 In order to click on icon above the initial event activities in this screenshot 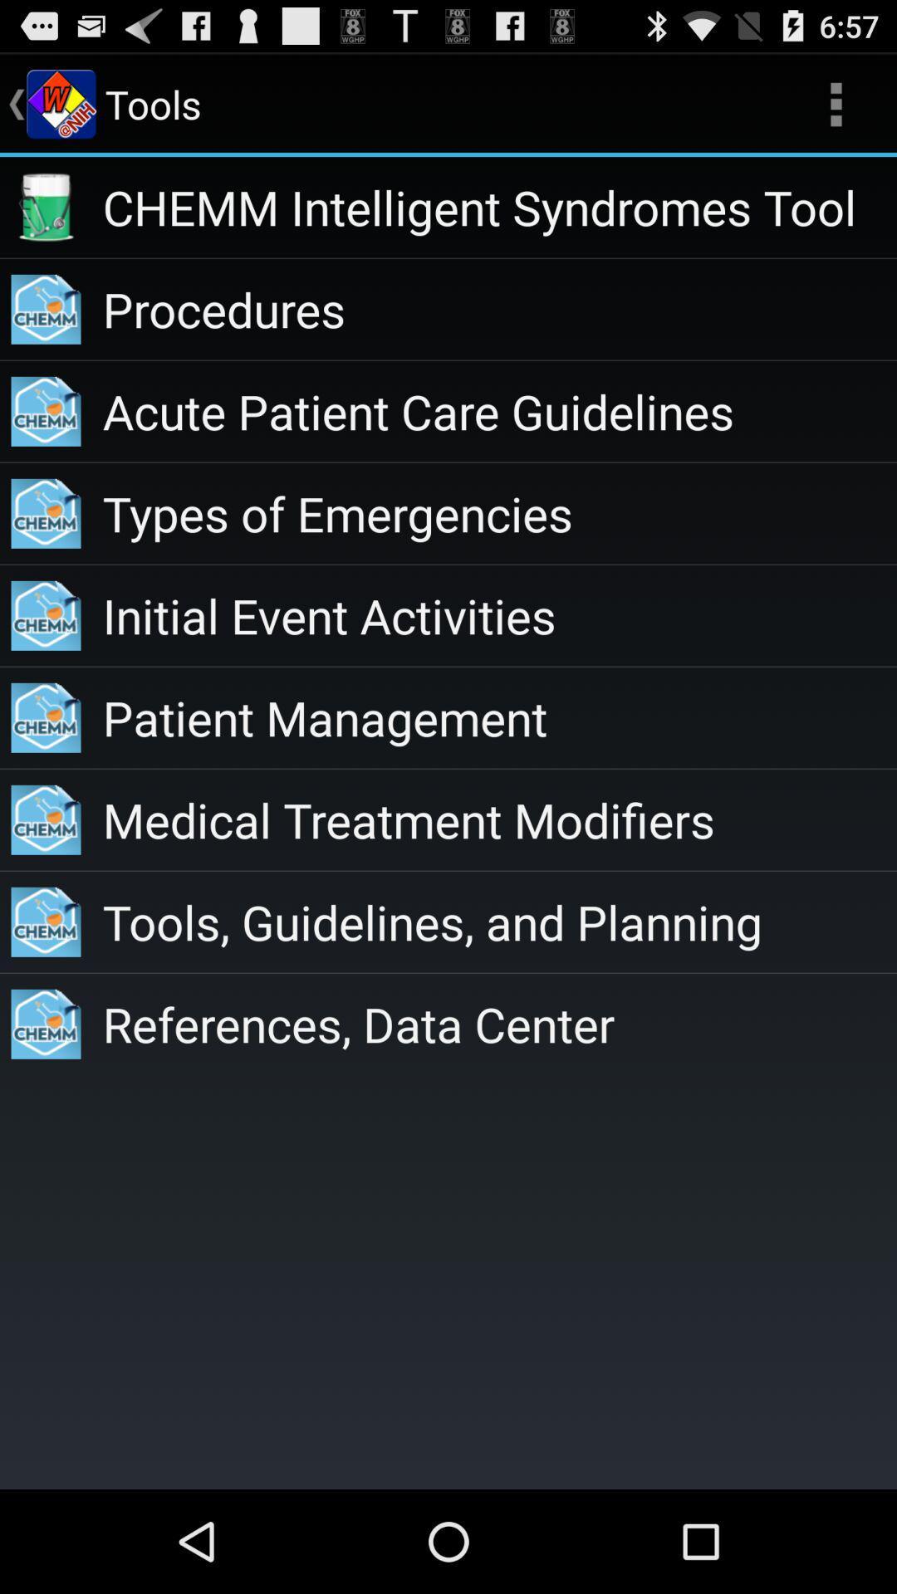, I will do `click(498, 512)`.